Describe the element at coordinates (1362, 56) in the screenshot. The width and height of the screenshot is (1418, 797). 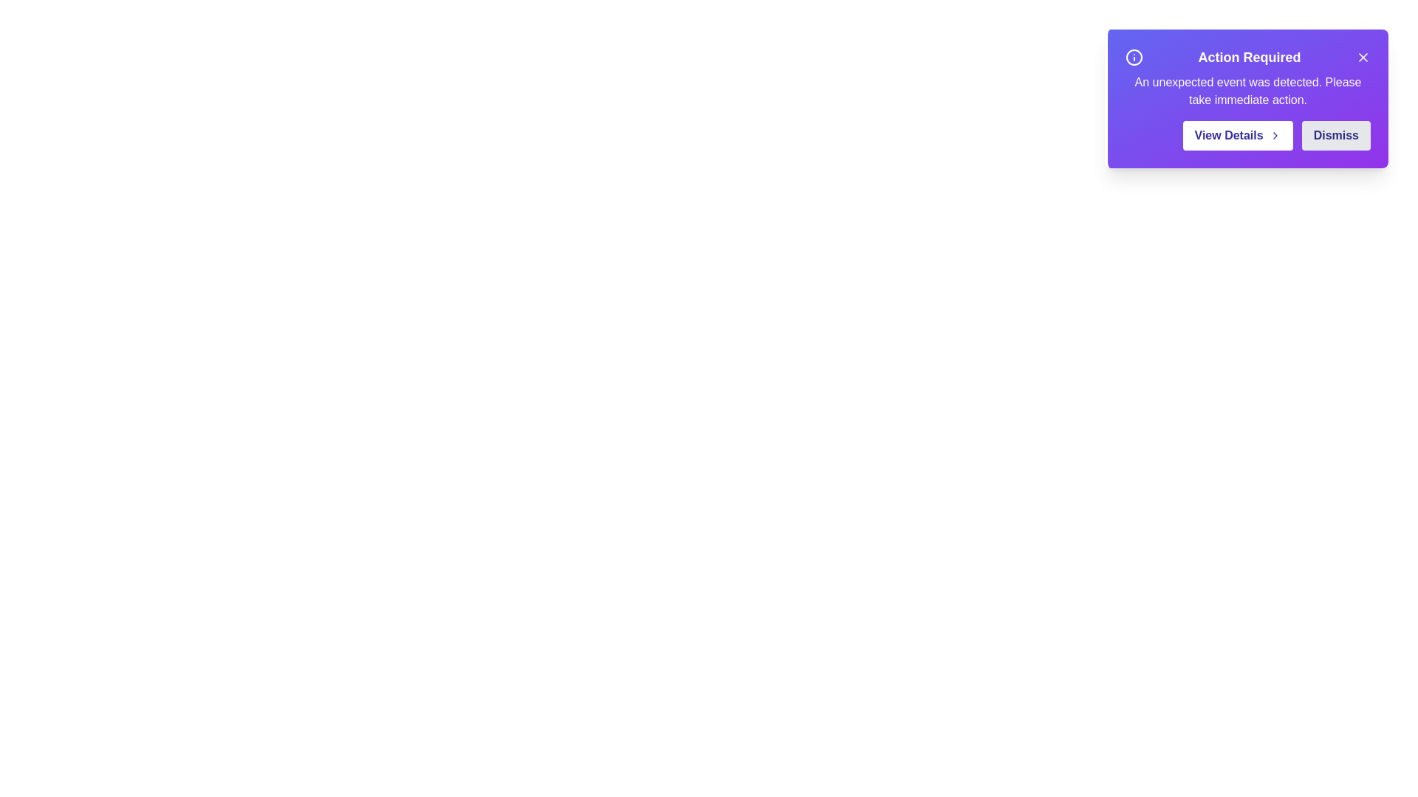
I see `the close button to hide the alert` at that location.